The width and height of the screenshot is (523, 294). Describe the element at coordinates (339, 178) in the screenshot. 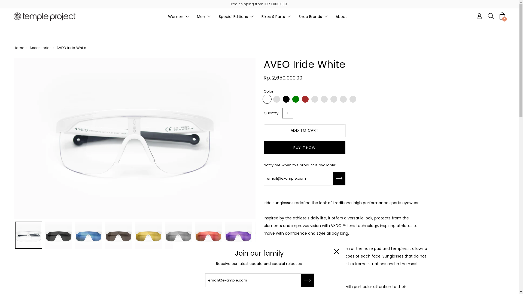

I see `'Submit'` at that location.